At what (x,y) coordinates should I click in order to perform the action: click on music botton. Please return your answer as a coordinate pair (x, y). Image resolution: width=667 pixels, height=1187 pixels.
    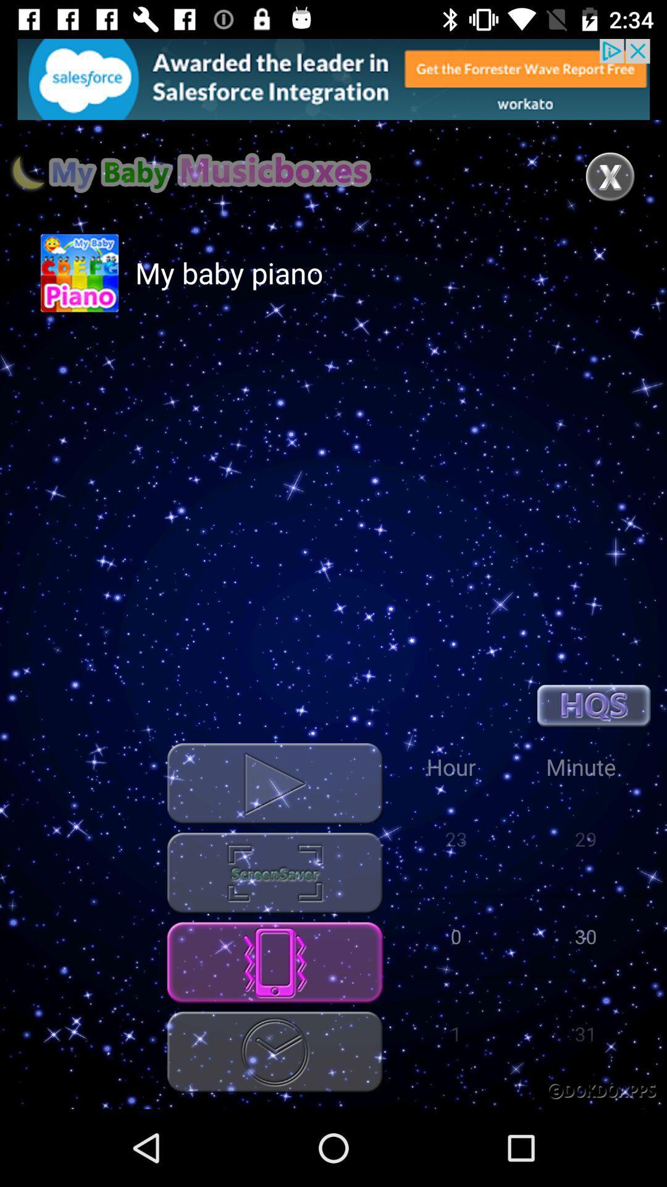
    Looking at the image, I should click on (274, 872).